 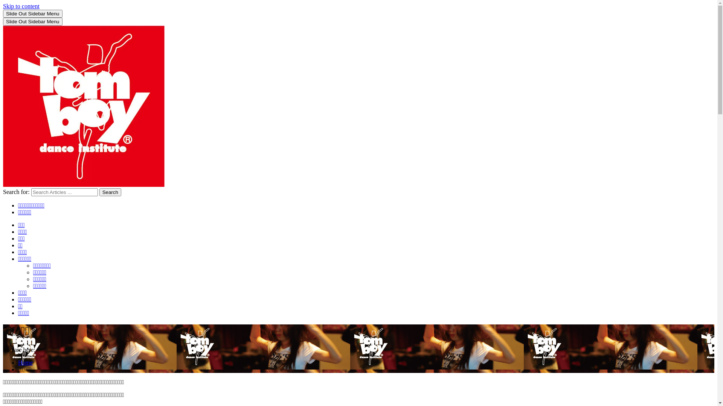 What do you see at coordinates (32, 21) in the screenshot?
I see `'Slide Out Sidebar Menu'` at bounding box center [32, 21].